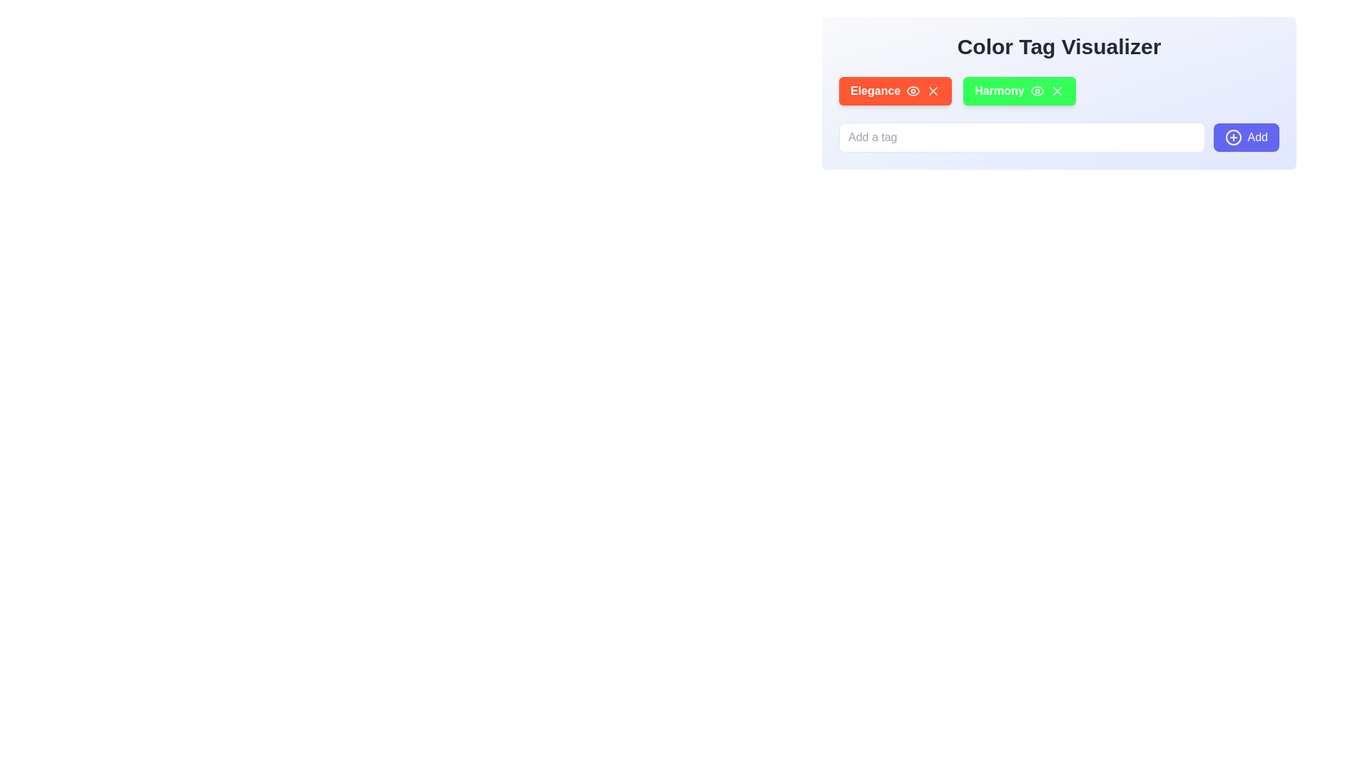  Describe the element at coordinates (1257, 137) in the screenshot. I see `the static text component of the clickable button located in the lower right corner of the 'Color Tag Visualizer' interface, which is to the right of the plus icon` at that location.